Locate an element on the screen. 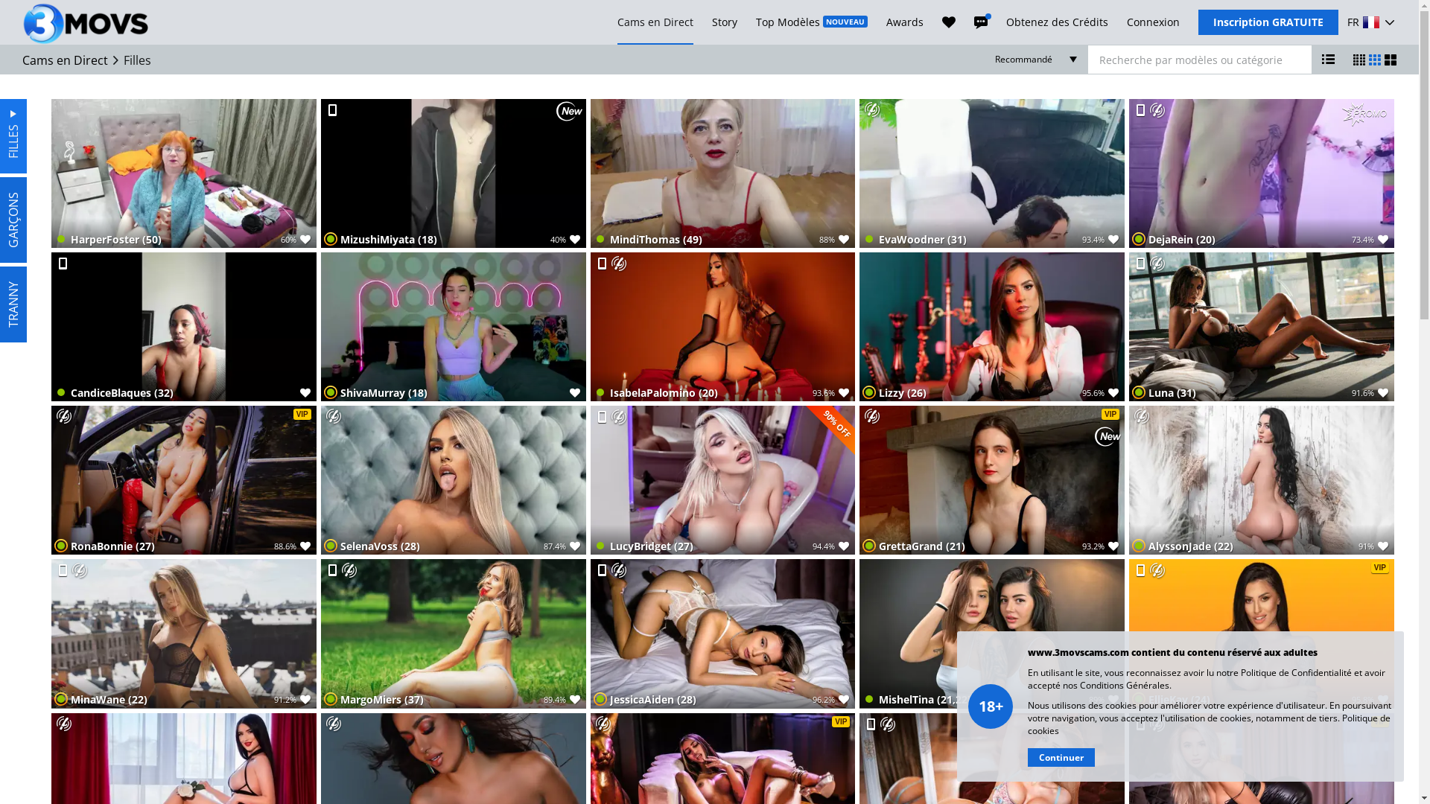  'AlyssonJade (22) is located at coordinates (1261, 479).